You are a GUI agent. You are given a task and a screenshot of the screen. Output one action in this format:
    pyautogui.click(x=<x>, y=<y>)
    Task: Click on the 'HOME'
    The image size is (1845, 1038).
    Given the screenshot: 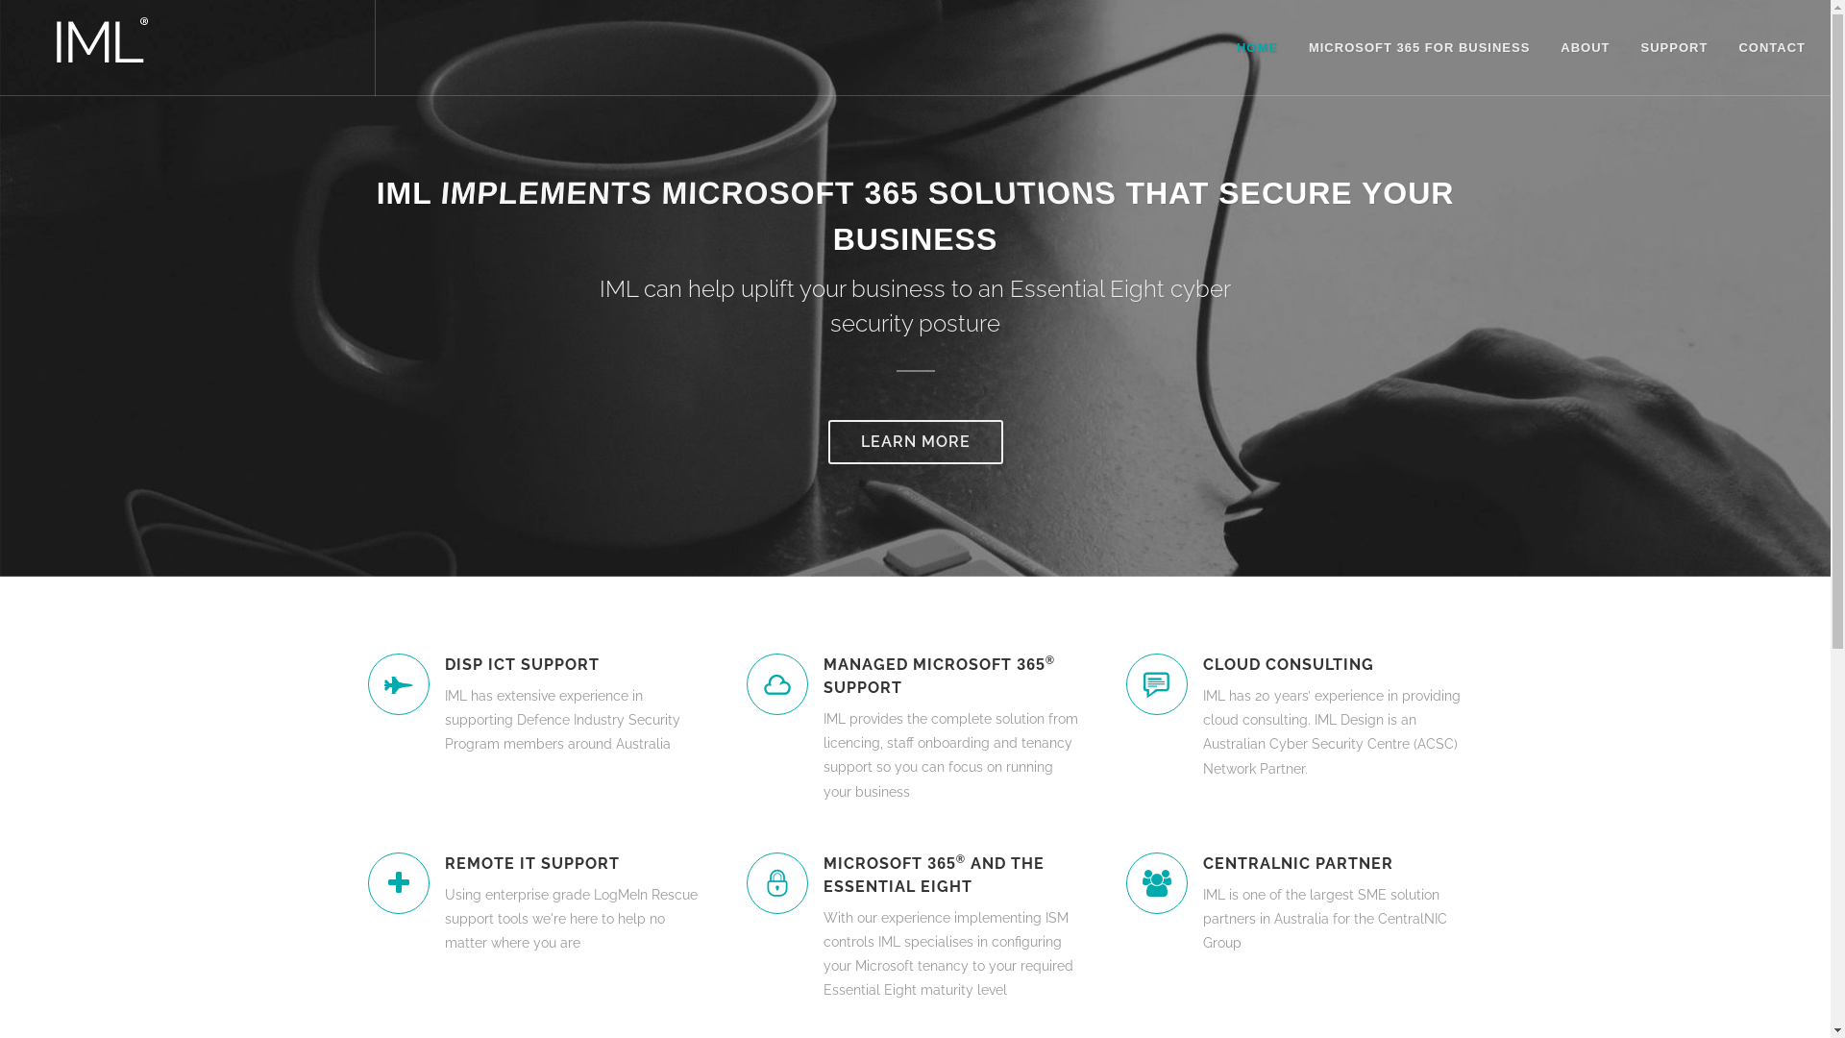 What is the action you would take?
    pyautogui.click(x=1257, y=47)
    